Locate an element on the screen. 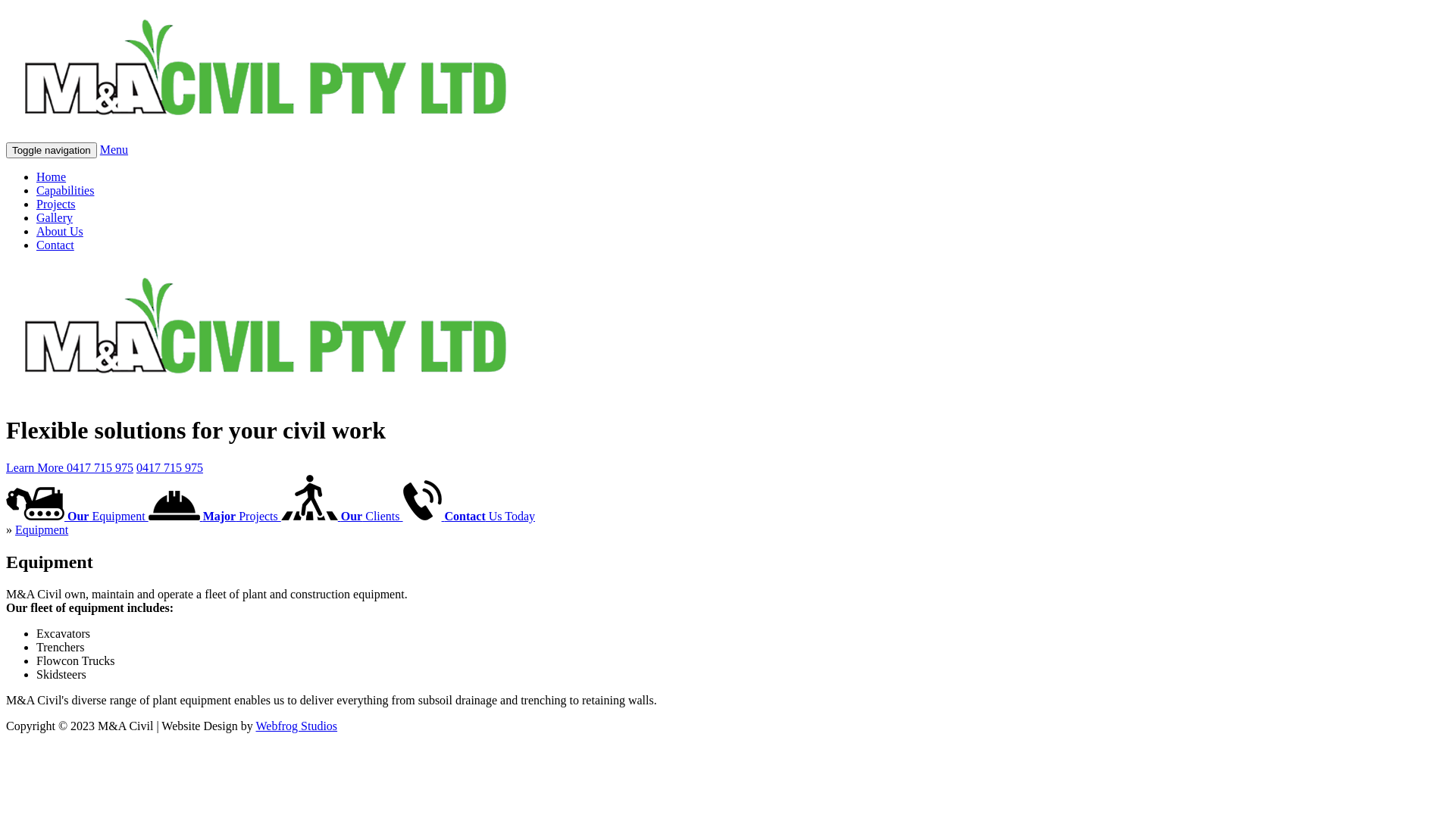 The image size is (1455, 818). 'Equipment' is located at coordinates (41, 529).